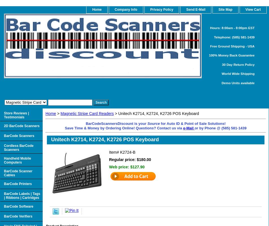  What do you see at coordinates (232, 46) in the screenshot?
I see `'Free Ground Shipping - USA'` at bounding box center [232, 46].